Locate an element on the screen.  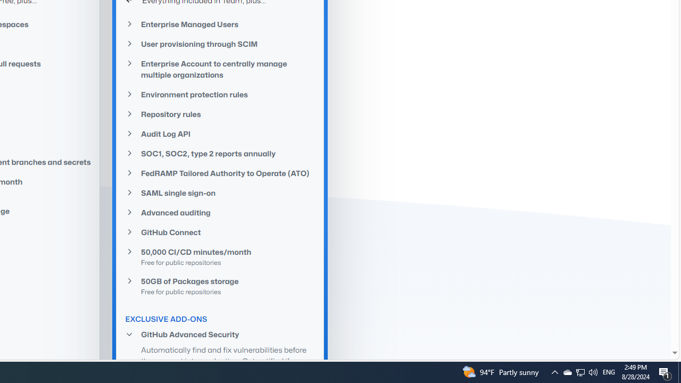
'Advanced auditing' is located at coordinates (220, 212).